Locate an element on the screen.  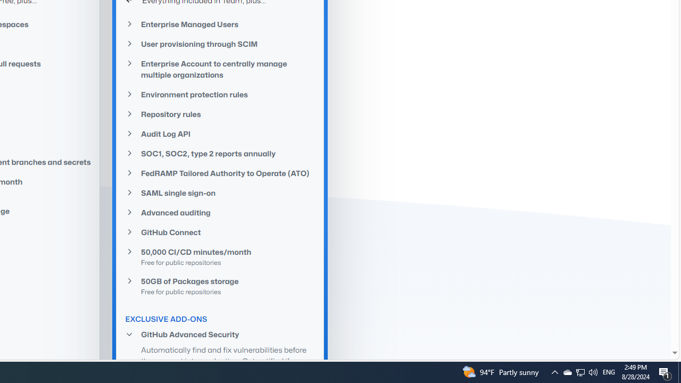
'Advanced auditing' is located at coordinates (220, 212).